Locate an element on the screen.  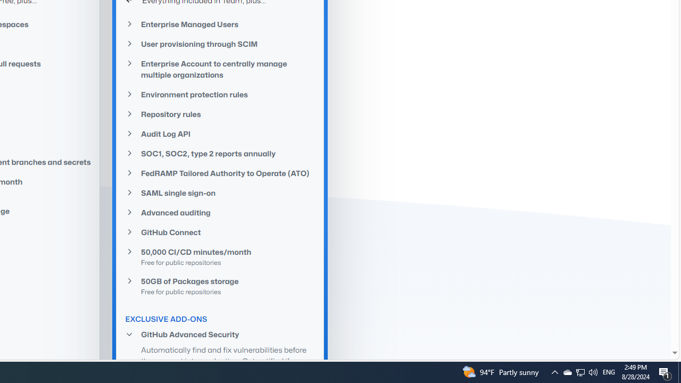
'Advanced auditing' is located at coordinates (220, 212).